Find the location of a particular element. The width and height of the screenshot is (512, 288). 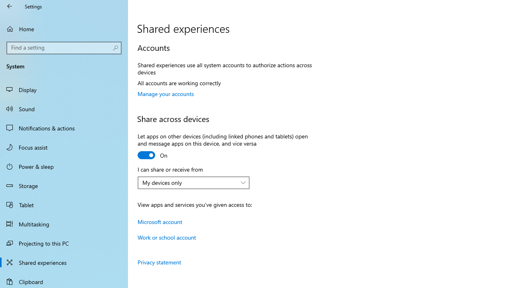

'Home' is located at coordinates (64, 28).